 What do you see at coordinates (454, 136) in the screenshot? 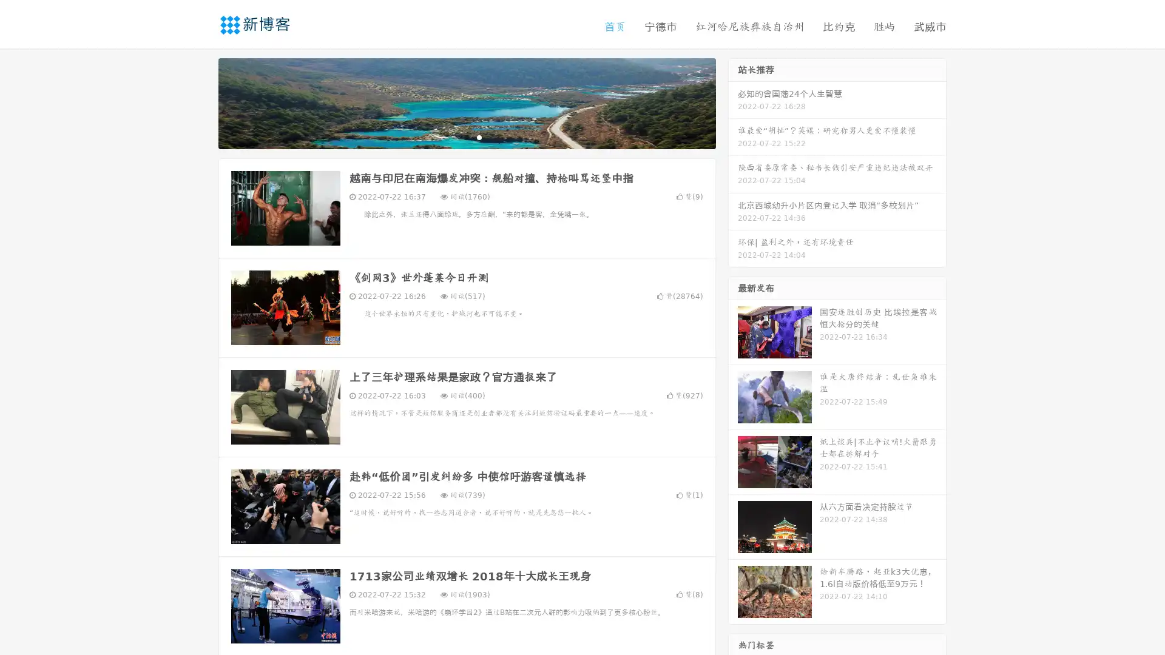
I see `Go to slide 1` at bounding box center [454, 136].